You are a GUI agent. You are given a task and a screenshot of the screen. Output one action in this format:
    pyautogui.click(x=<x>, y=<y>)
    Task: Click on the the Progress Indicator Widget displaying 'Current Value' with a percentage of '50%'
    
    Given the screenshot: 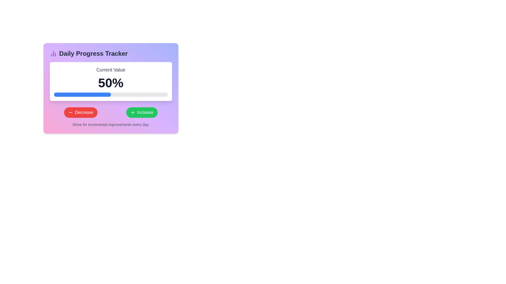 What is the action you would take?
    pyautogui.click(x=110, y=81)
    